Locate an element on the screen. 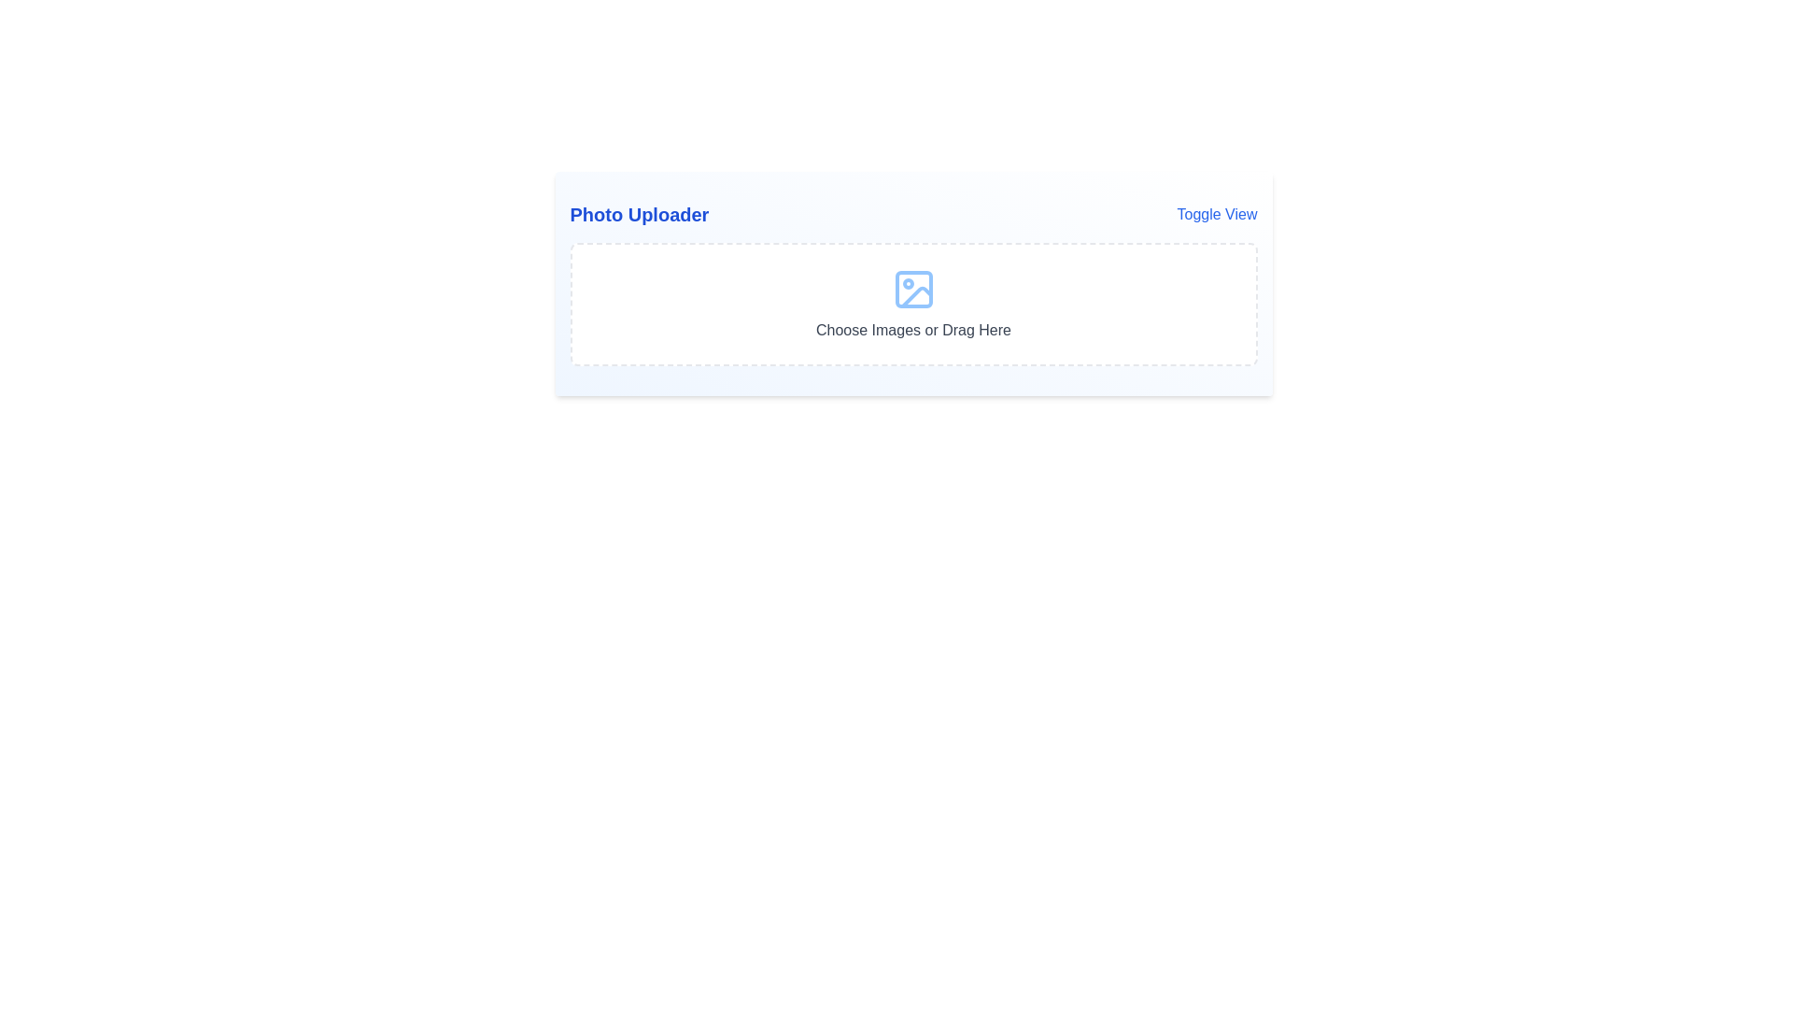 This screenshot has width=1793, height=1009. the interactive area for file input functionality, which has a dashed border, rounded corners, and contains a blue image icon with the text 'Choose Images or Drag Here' is located at coordinates (913, 304).